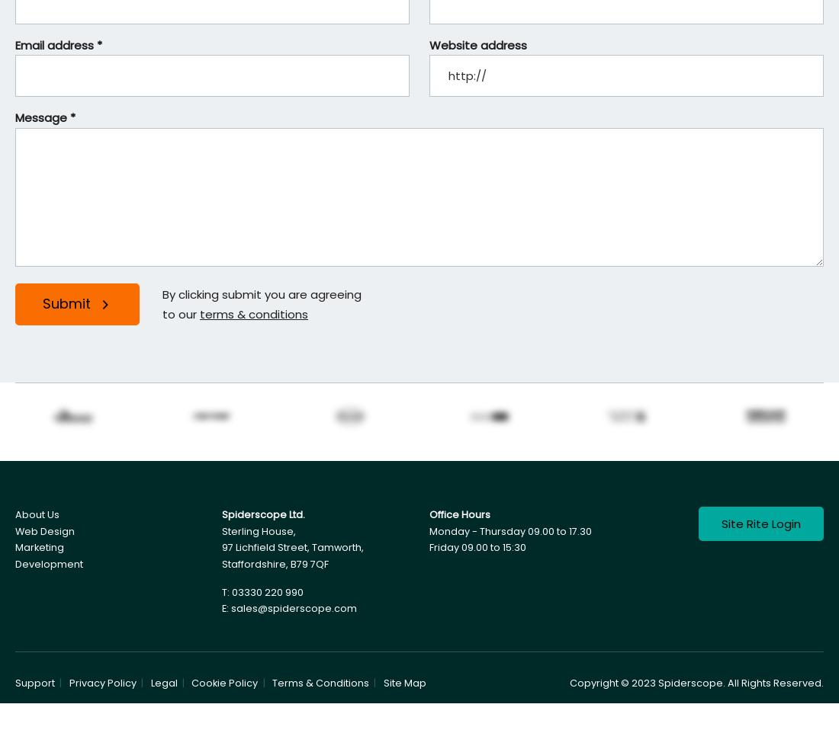  What do you see at coordinates (293, 546) in the screenshot?
I see `'97 Lichfield Street, Tamworth,'` at bounding box center [293, 546].